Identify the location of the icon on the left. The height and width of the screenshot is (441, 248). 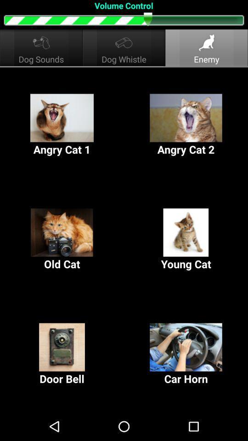
(62, 239).